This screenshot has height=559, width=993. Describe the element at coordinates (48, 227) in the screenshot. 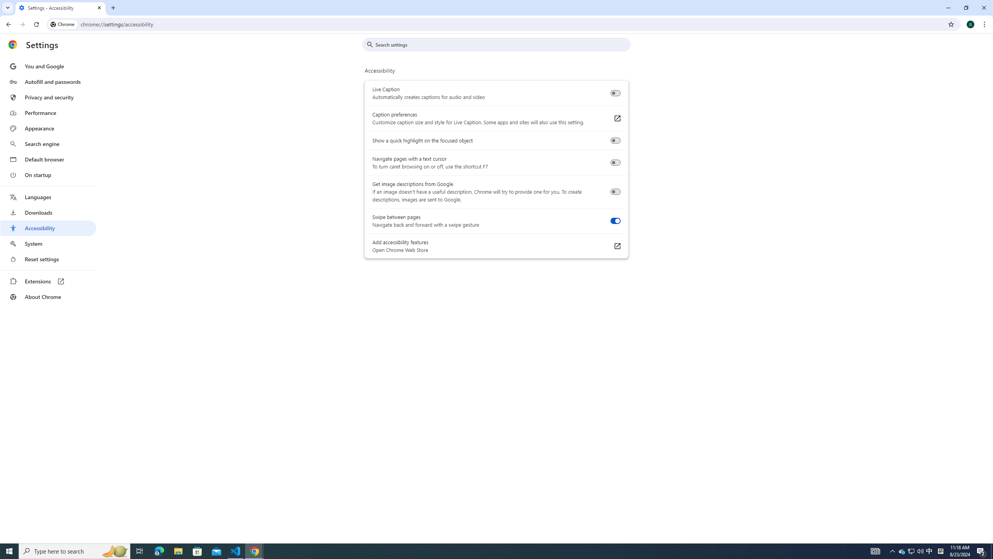

I see `'Accessibility'` at that location.